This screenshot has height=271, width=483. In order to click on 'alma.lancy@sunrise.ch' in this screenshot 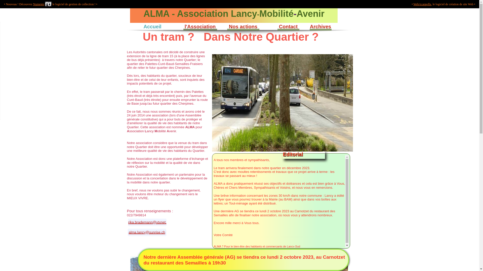, I will do `click(147, 232)`.